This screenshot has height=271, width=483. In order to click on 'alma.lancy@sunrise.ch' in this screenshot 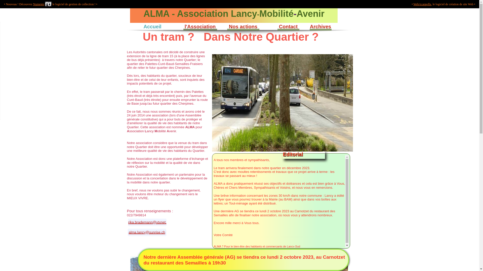, I will do `click(147, 232)`.